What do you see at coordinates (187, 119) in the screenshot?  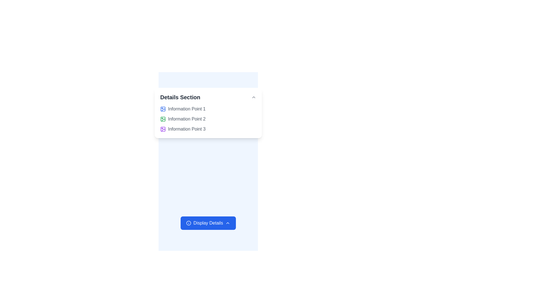 I see `the second item in the 'Details Section' list, which serves as a label or descriptive text` at bounding box center [187, 119].